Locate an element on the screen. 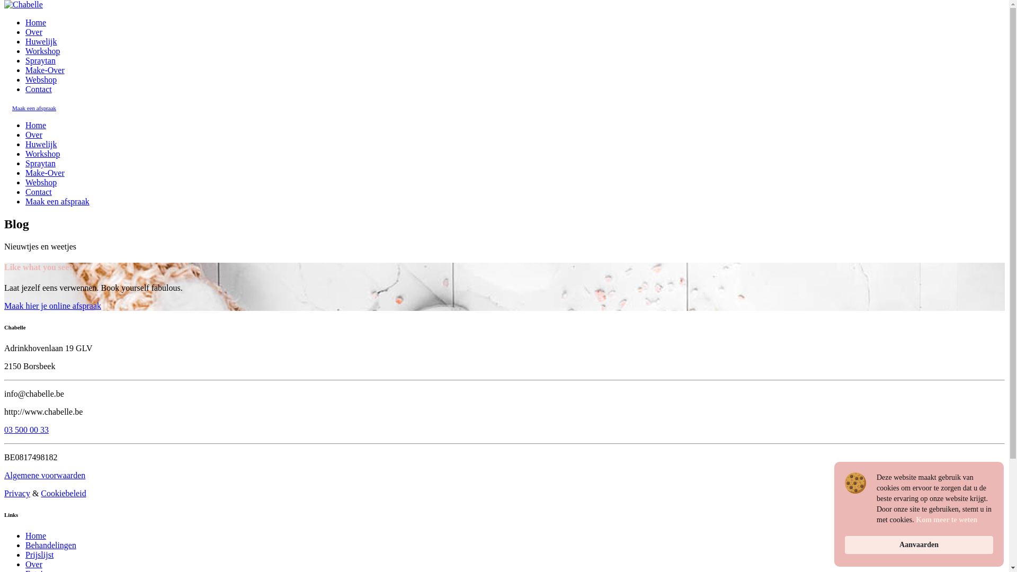 This screenshot has width=1017, height=572. 'Huwelijk' is located at coordinates (41, 144).